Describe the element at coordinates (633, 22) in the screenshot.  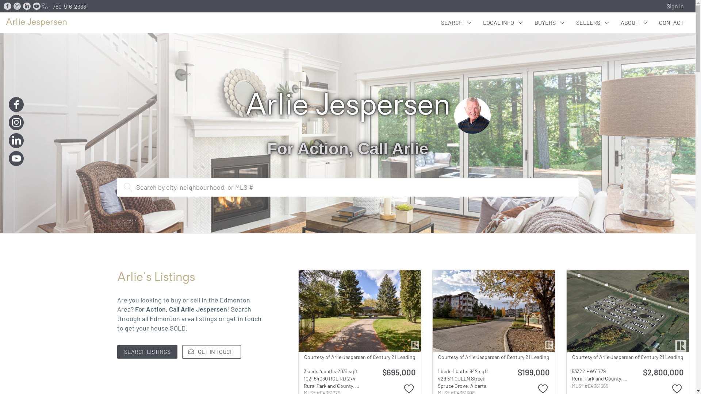
I see `'ABOUT'` at that location.